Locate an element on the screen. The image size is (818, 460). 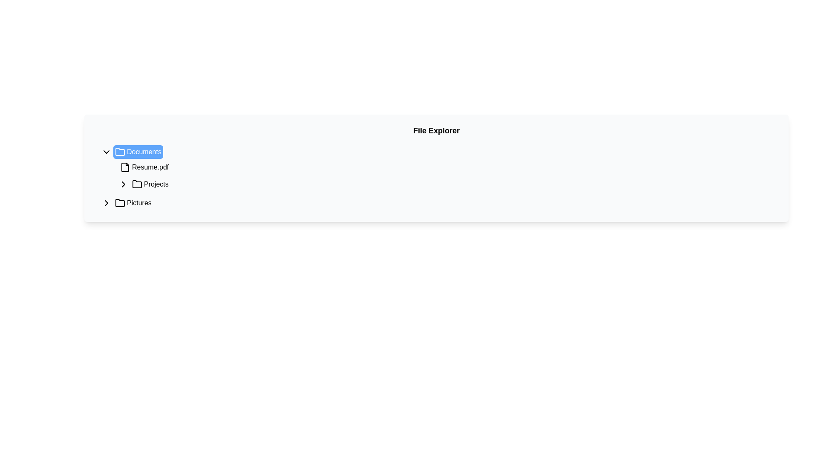
the folder-shaped icon that represents the 'Documents' directory within the file explorer, which is the first item in the list and aligned to the left of the 'Documents' text label is located at coordinates (120, 152).